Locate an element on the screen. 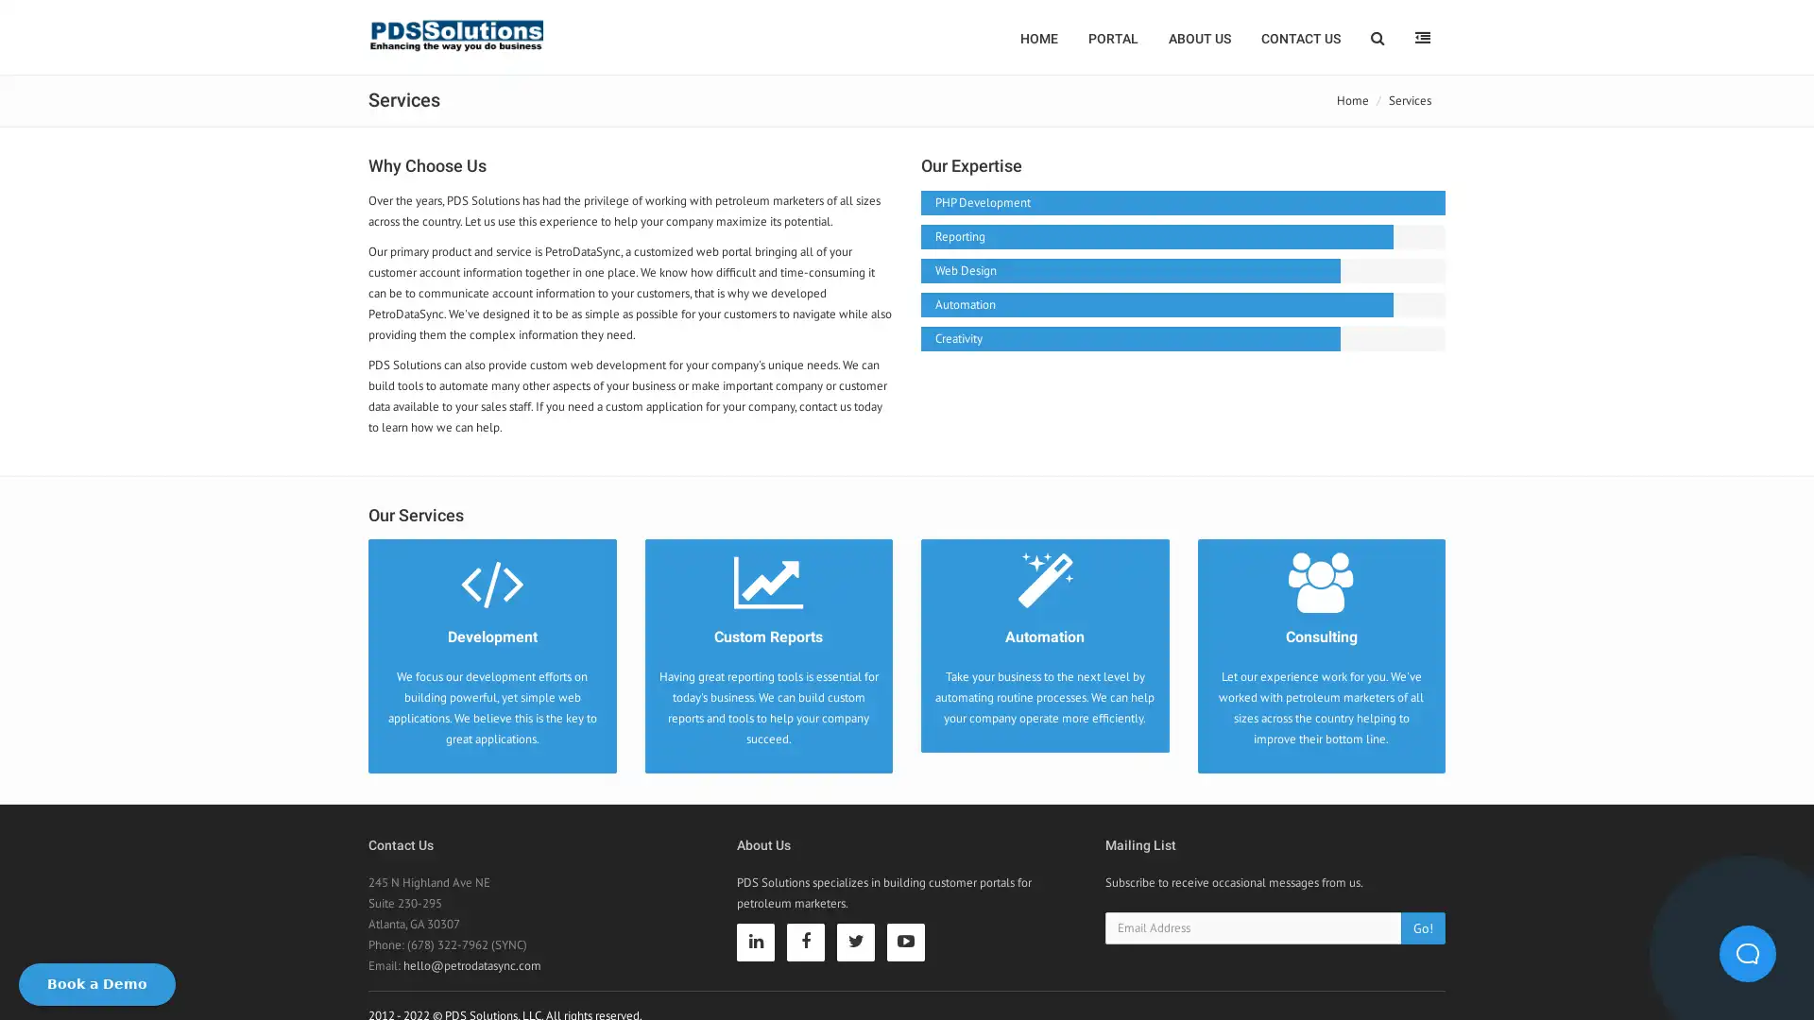 Image resolution: width=1814 pixels, height=1020 pixels. Go! is located at coordinates (1423, 925).